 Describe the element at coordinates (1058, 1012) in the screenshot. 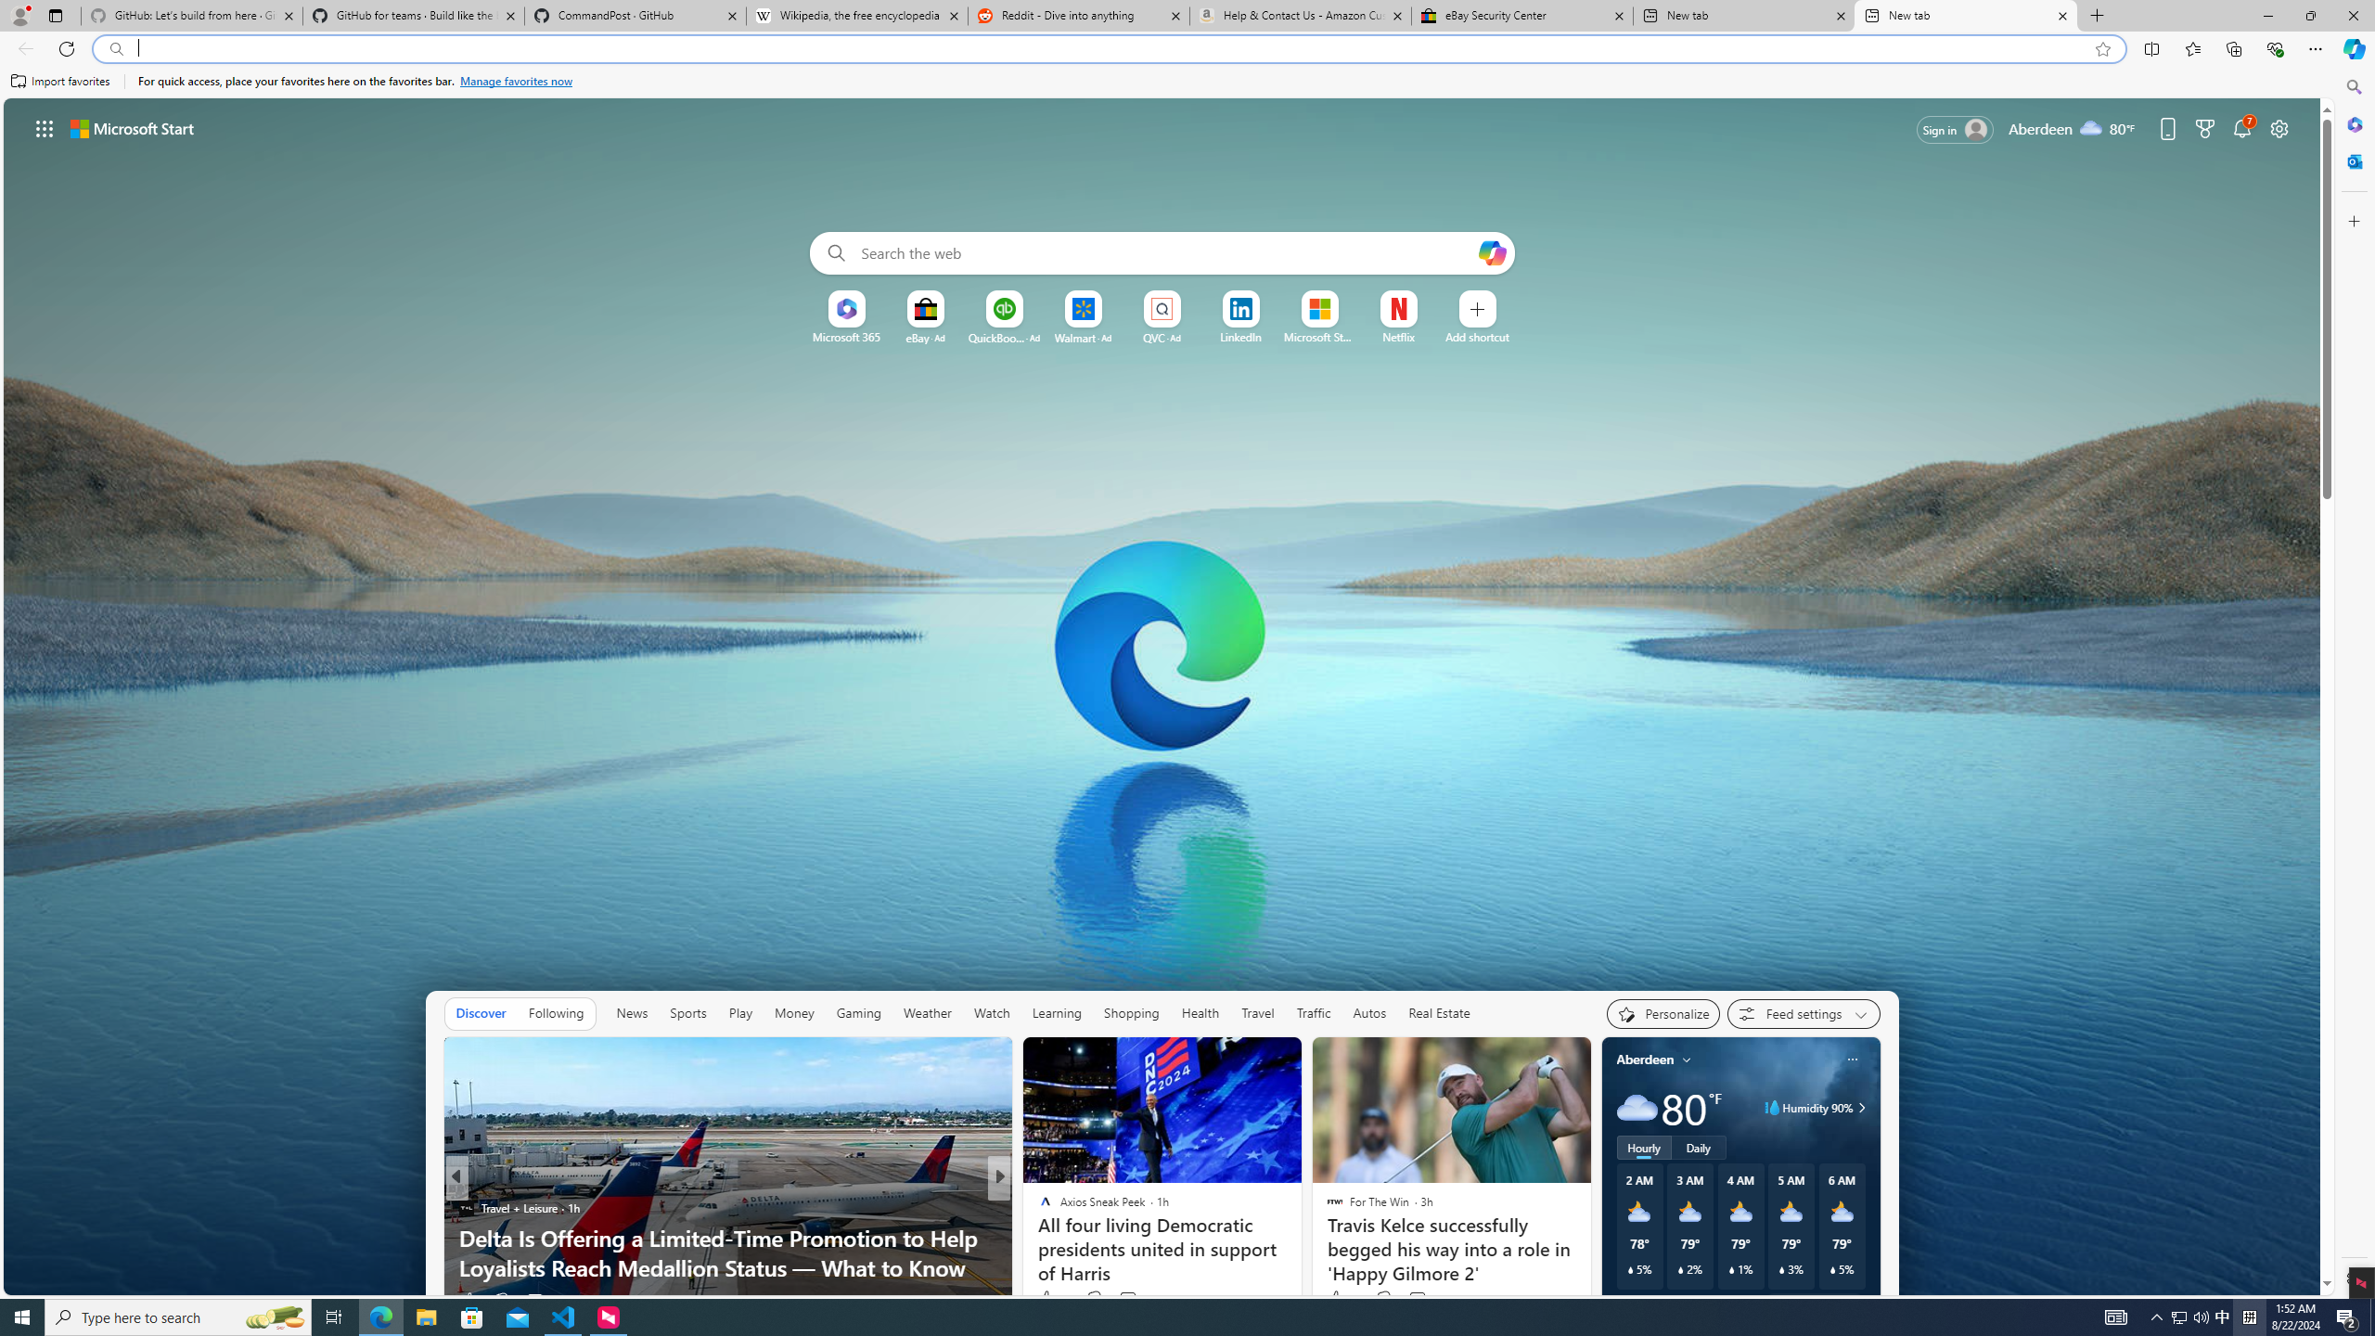

I see `'Learning'` at that location.